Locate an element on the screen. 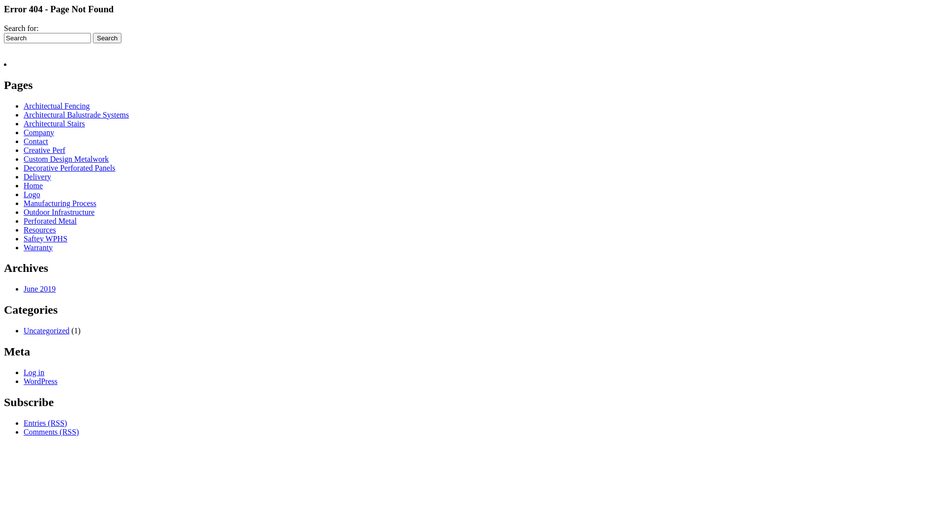  'Comments (RSS)' is located at coordinates (51, 431).